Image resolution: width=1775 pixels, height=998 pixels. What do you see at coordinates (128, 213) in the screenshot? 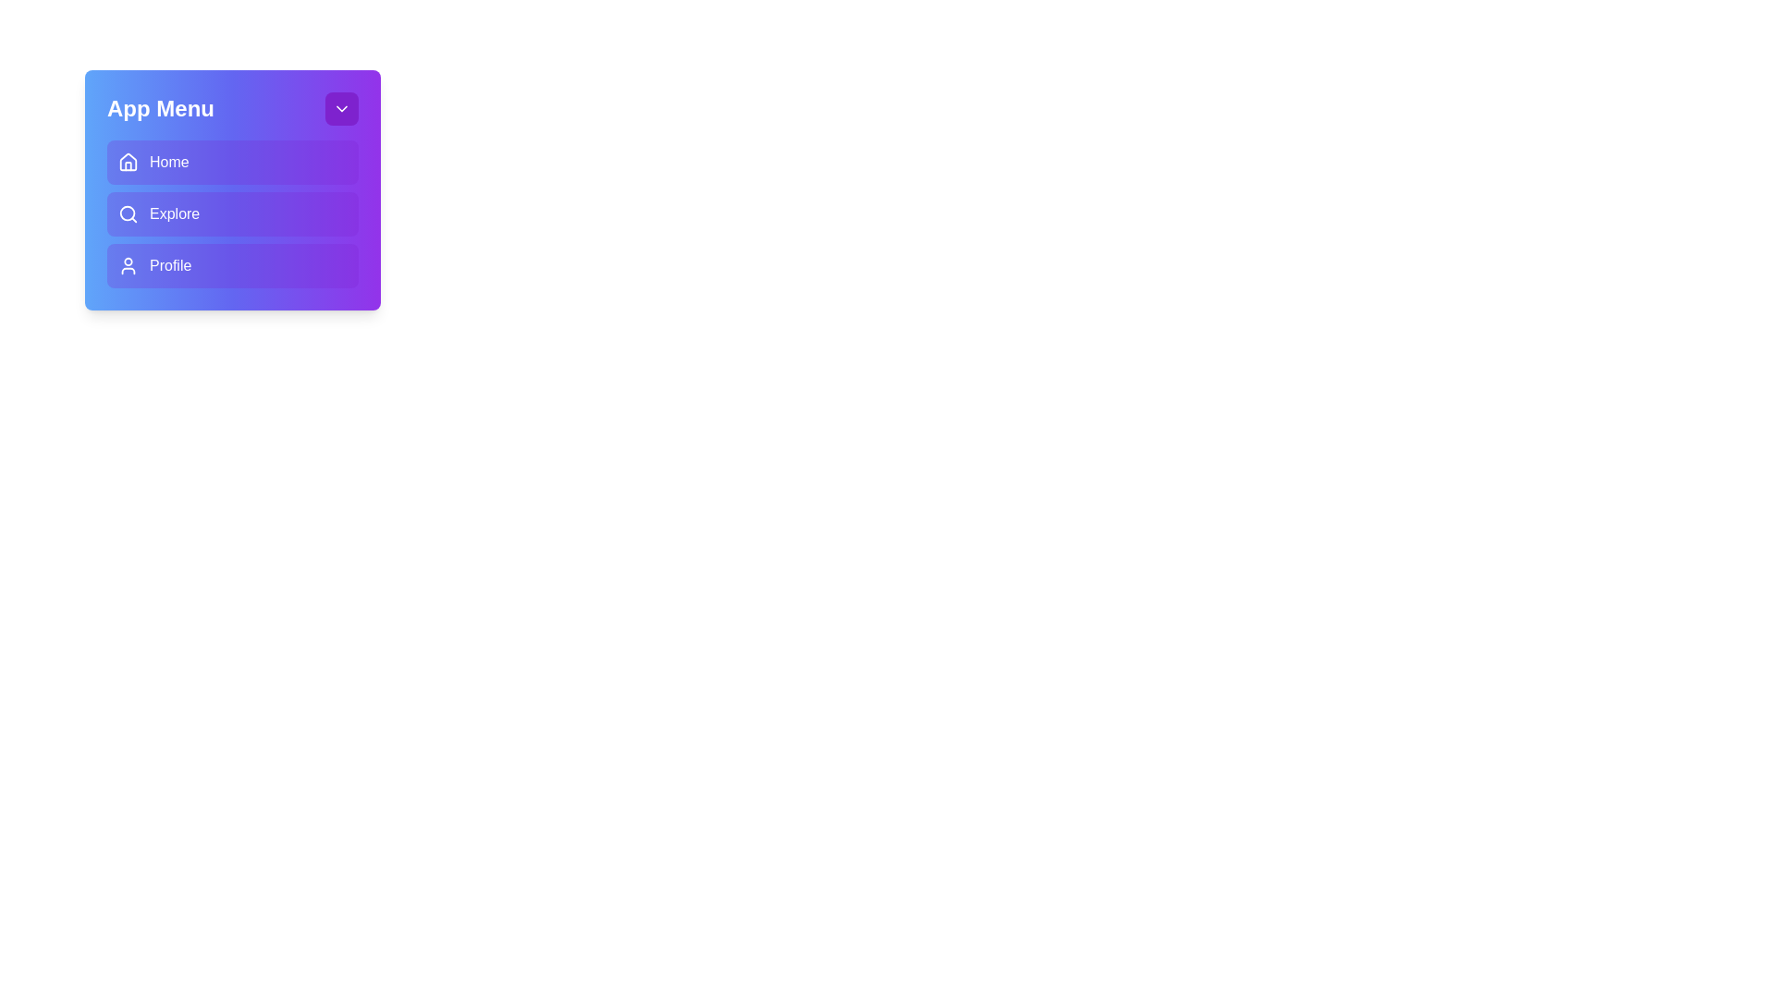
I see `the magnifying glass icon located at the start of the 'Explore' menu item` at bounding box center [128, 213].